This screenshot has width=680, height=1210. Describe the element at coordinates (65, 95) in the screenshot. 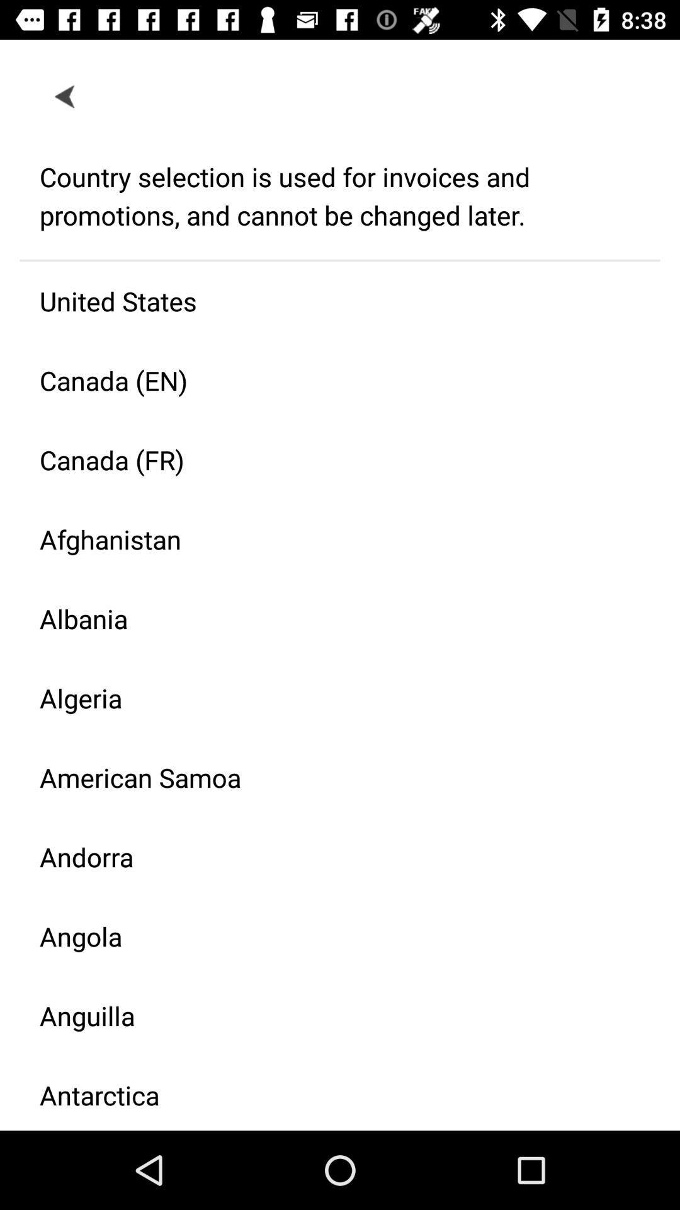

I see `go back` at that location.